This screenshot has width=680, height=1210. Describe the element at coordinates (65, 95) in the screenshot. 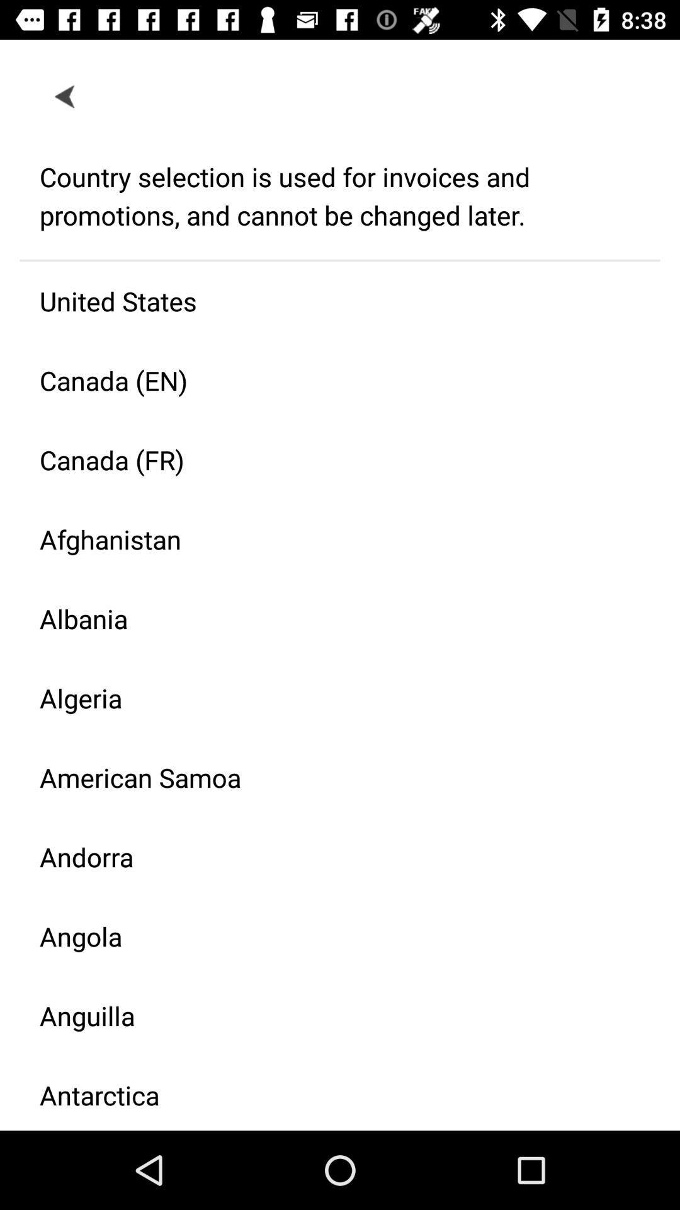

I see `go back` at that location.